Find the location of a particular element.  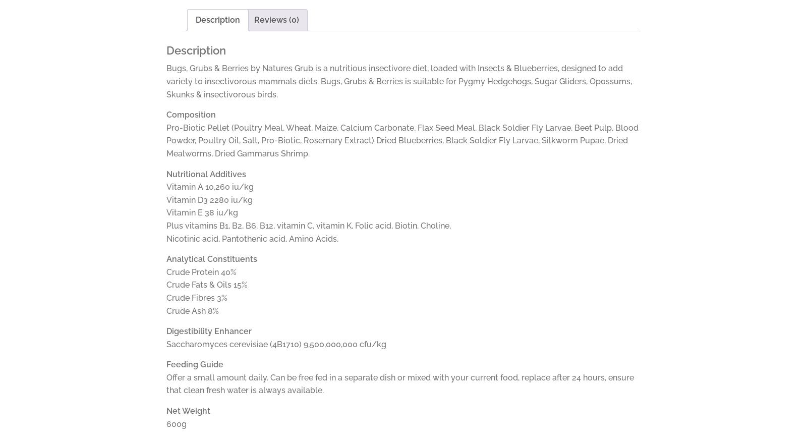

'Crude Fibres 3%' is located at coordinates (197, 297).